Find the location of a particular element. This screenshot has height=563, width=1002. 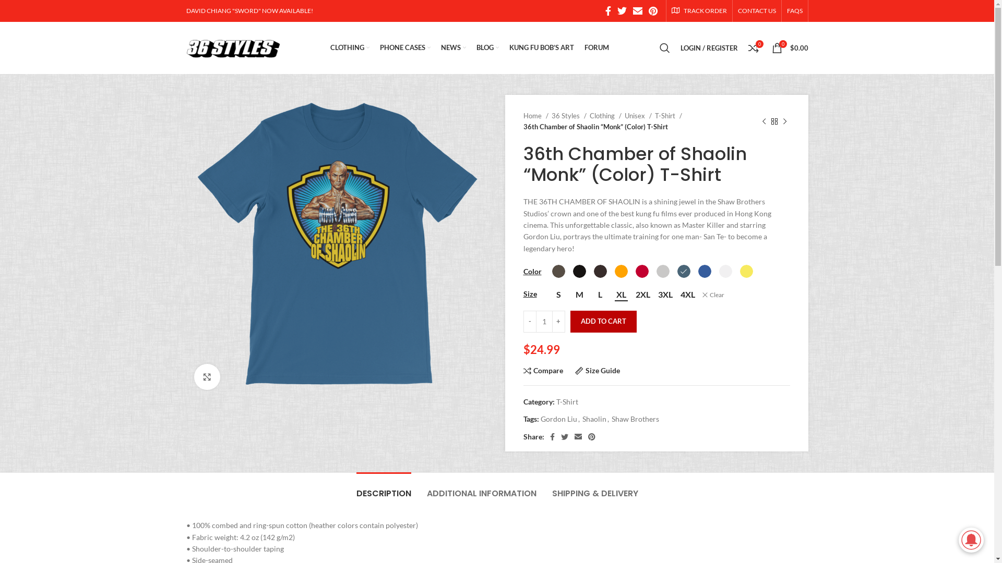

'mockup-dc92fbd9.png' is located at coordinates (337, 245).